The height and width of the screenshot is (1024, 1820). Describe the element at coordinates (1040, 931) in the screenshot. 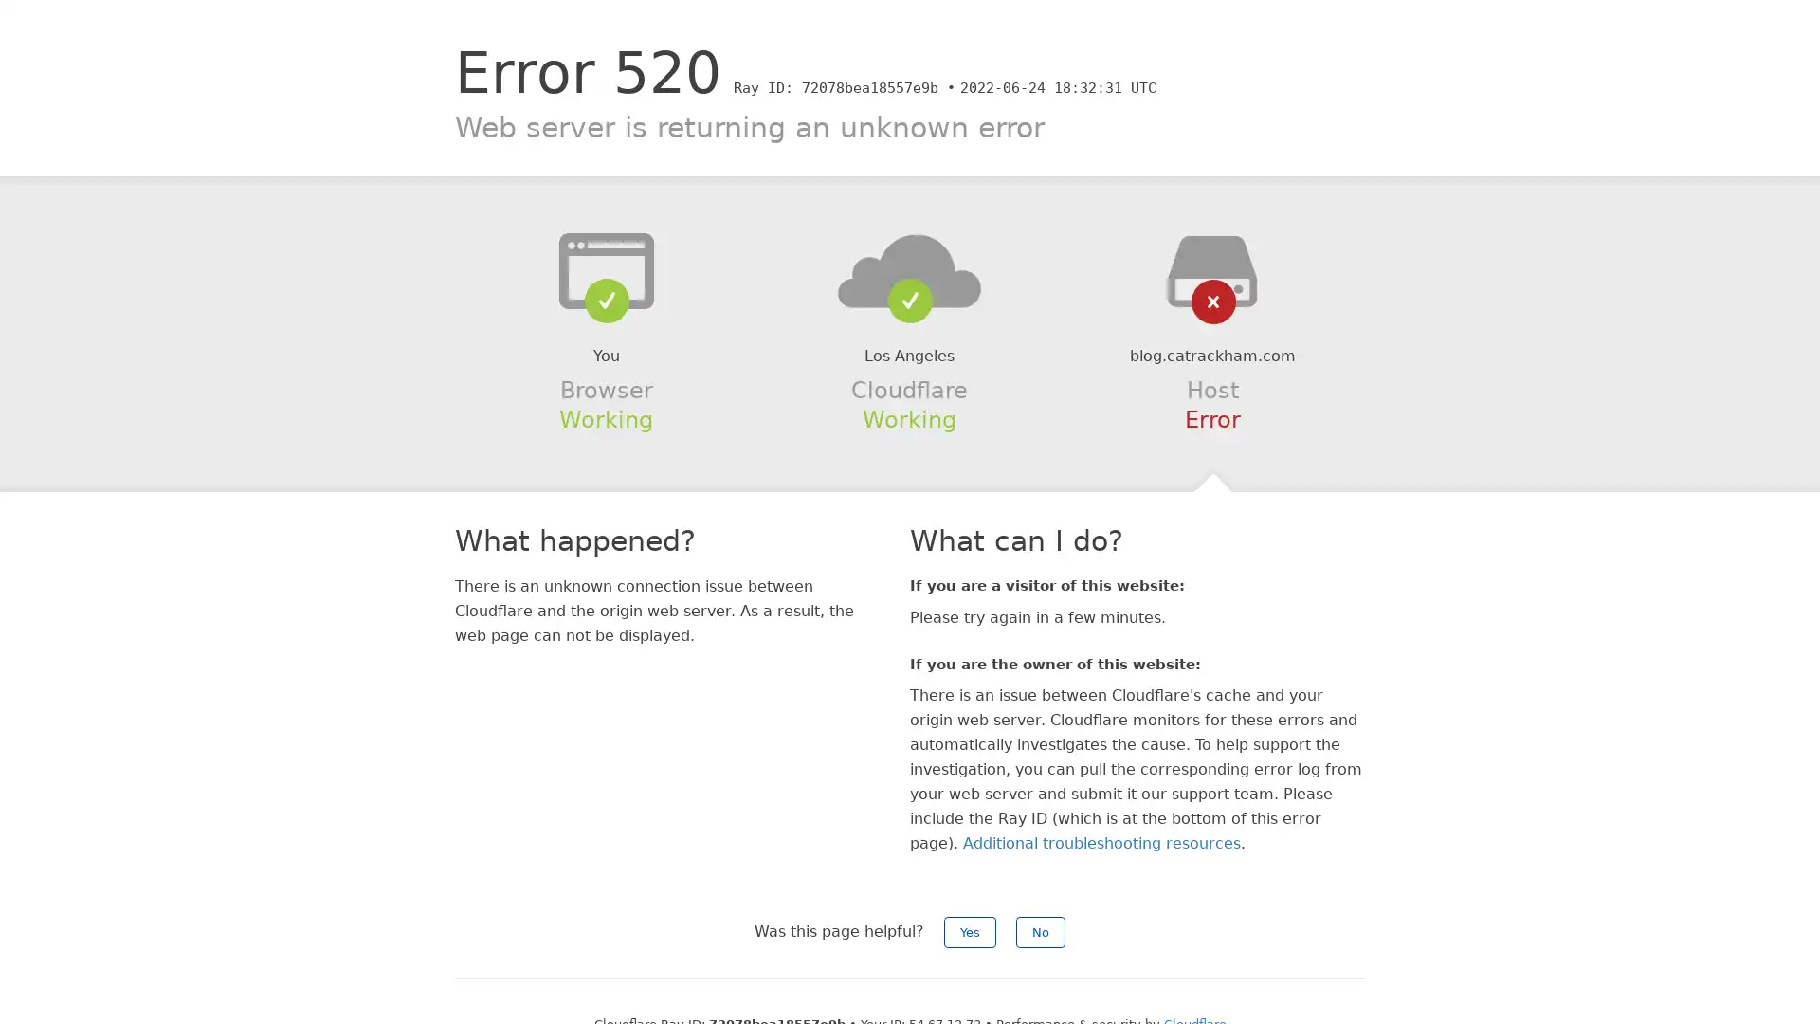

I see `No` at that location.